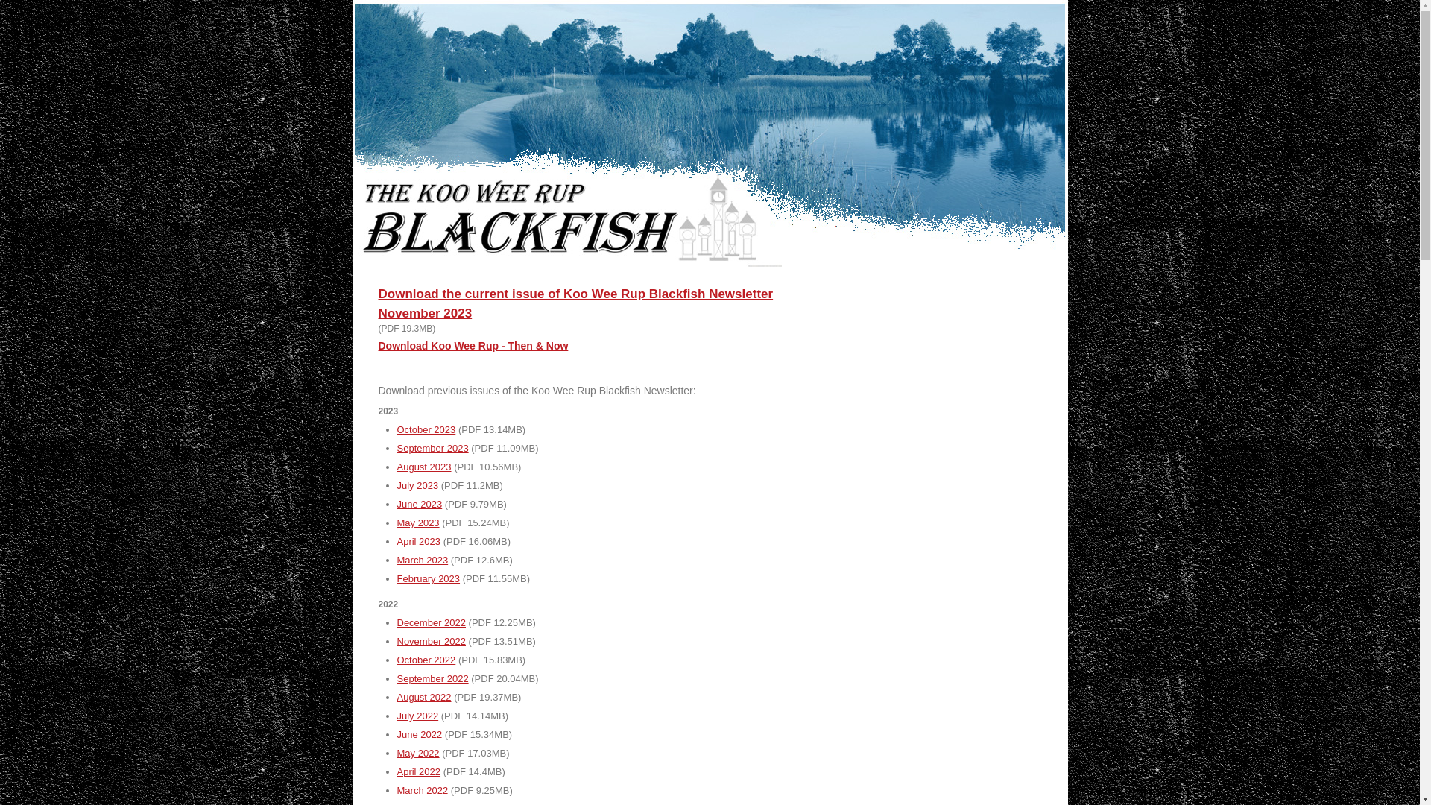  What do you see at coordinates (417, 753) in the screenshot?
I see `'May 2022'` at bounding box center [417, 753].